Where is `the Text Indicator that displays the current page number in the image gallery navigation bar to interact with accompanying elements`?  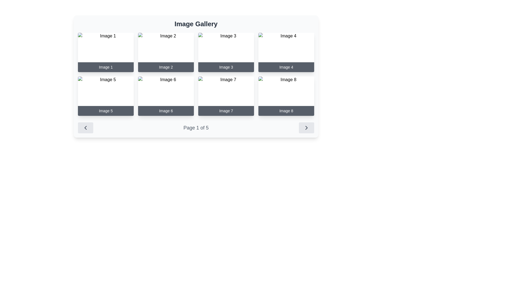
the Text Indicator that displays the current page number in the image gallery navigation bar to interact with accompanying elements is located at coordinates (196, 128).